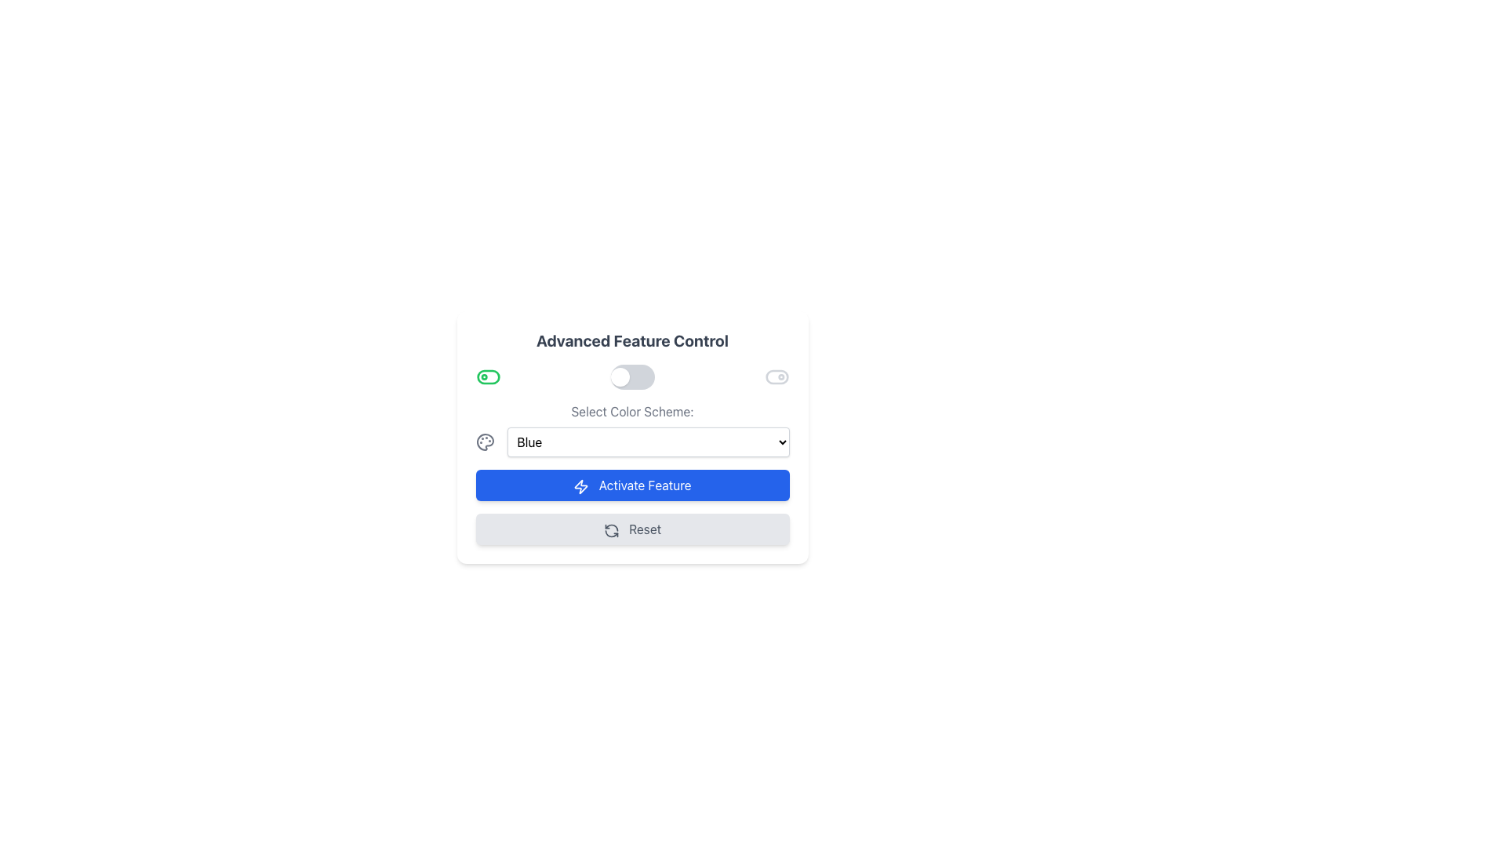 The height and width of the screenshot is (847, 1506). Describe the element at coordinates (632, 377) in the screenshot. I see `the toggle switch with a gray background and white circular thumb located in the 'Advanced Feature Control' section to switch its state` at that location.